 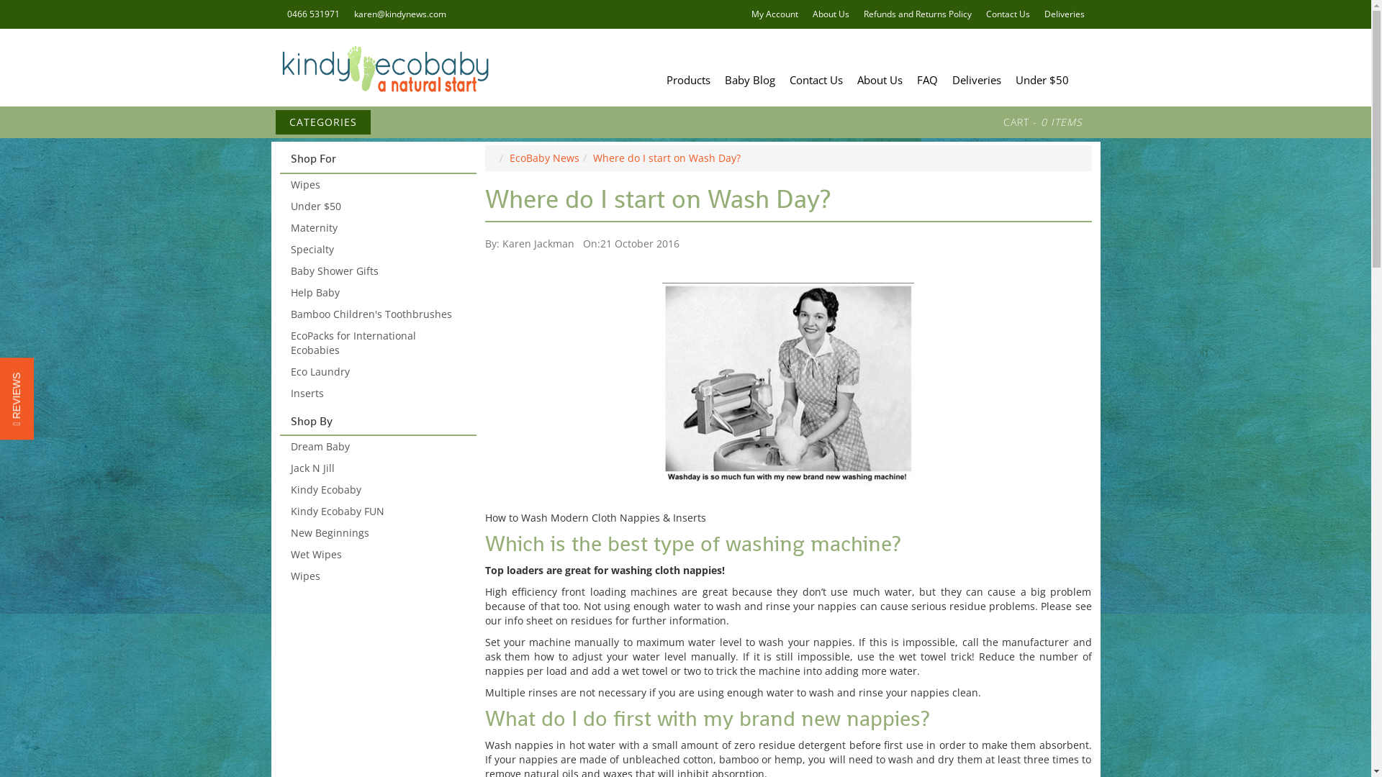 What do you see at coordinates (377, 292) in the screenshot?
I see `'Help Baby'` at bounding box center [377, 292].